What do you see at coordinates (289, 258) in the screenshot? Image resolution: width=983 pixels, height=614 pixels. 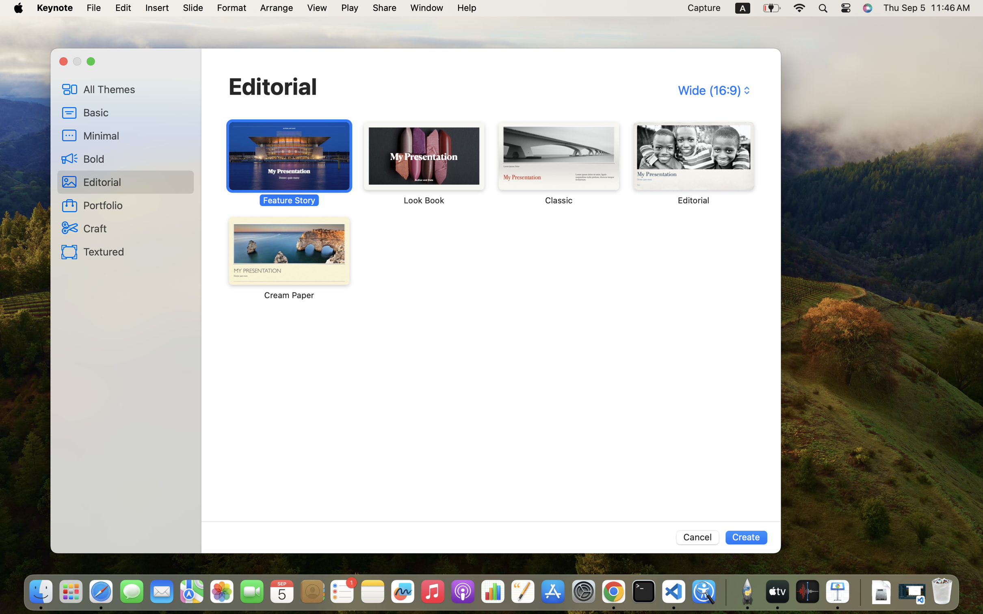 I see `'‎⁨Cream Paper⁩'` at bounding box center [289, 258].